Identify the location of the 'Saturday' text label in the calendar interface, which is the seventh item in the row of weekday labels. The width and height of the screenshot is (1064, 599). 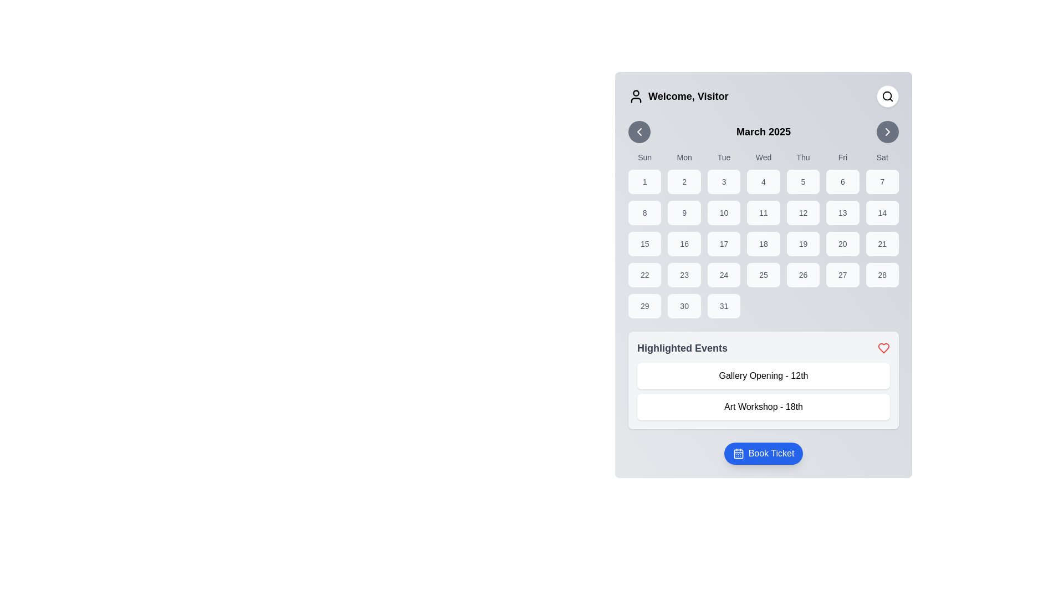
(882, 158).